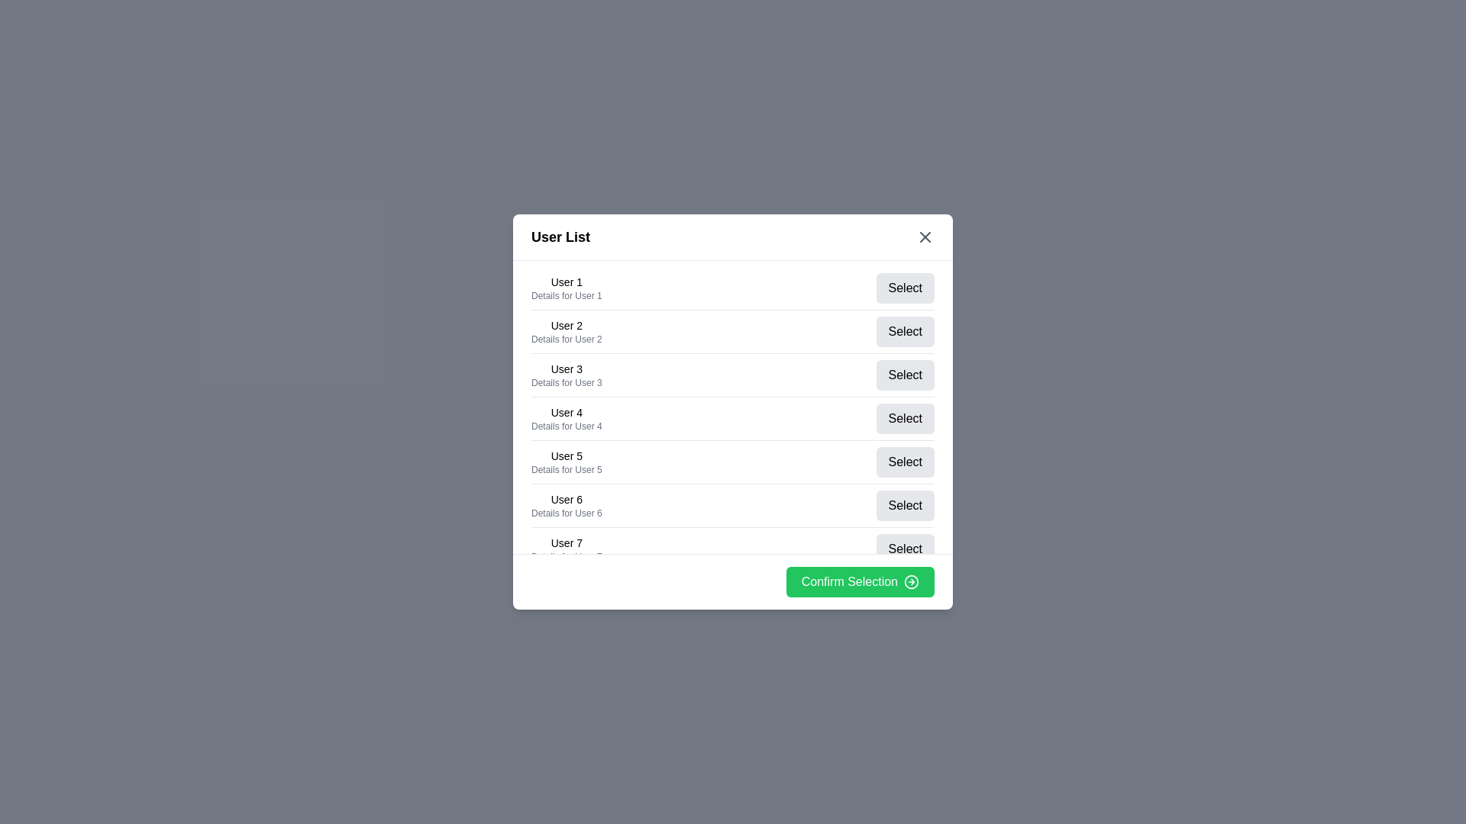 This screenshot has height=824, width=1466. Describe the element at coordinates (905, 549) in the screenshot. I see `'Select' button for user 7` at that location.